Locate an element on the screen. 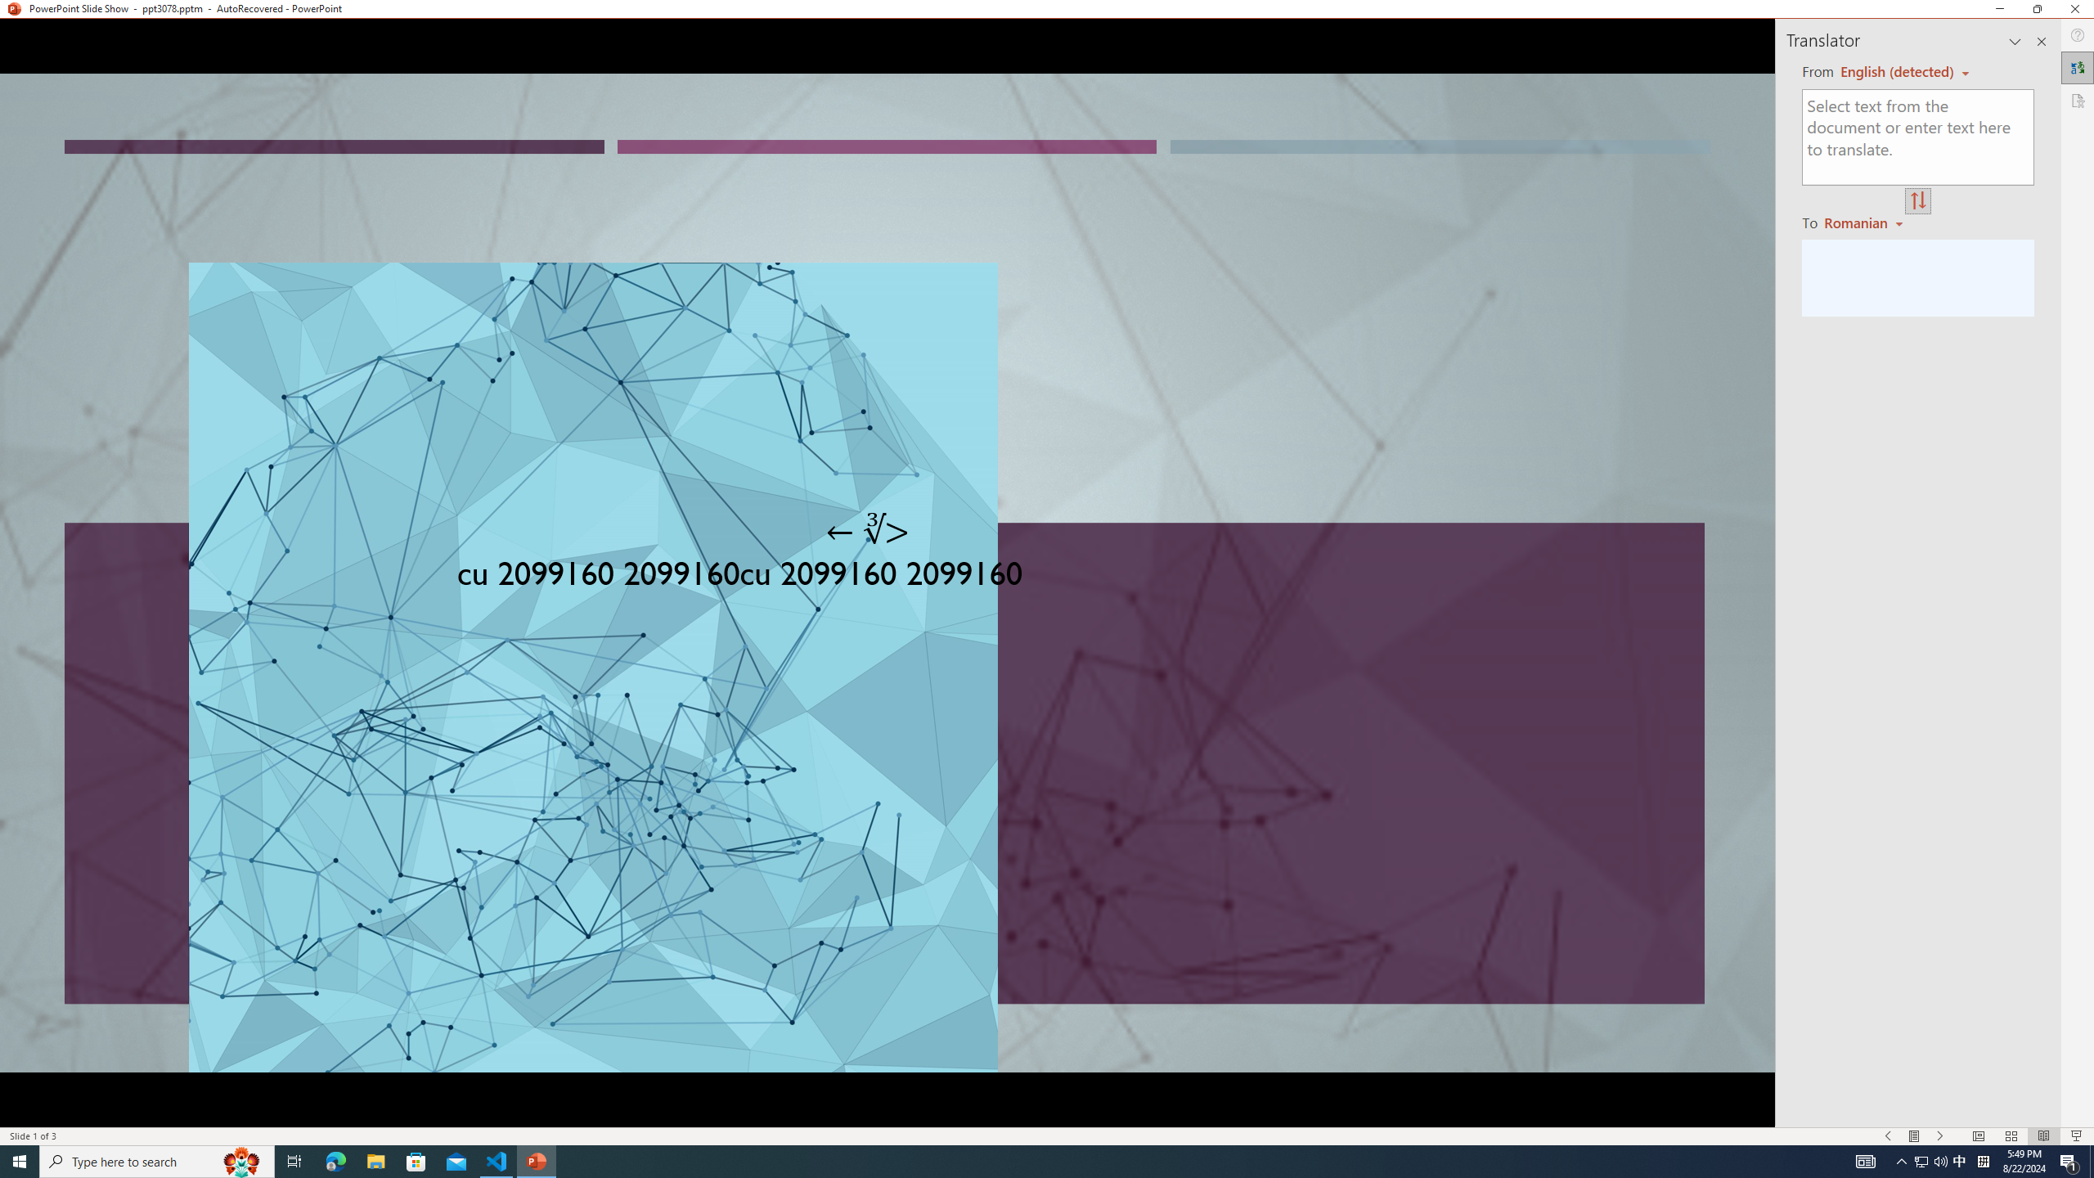 The image size is (2094, 1178). 'Romanian' is located at coordinates (1864, 222).